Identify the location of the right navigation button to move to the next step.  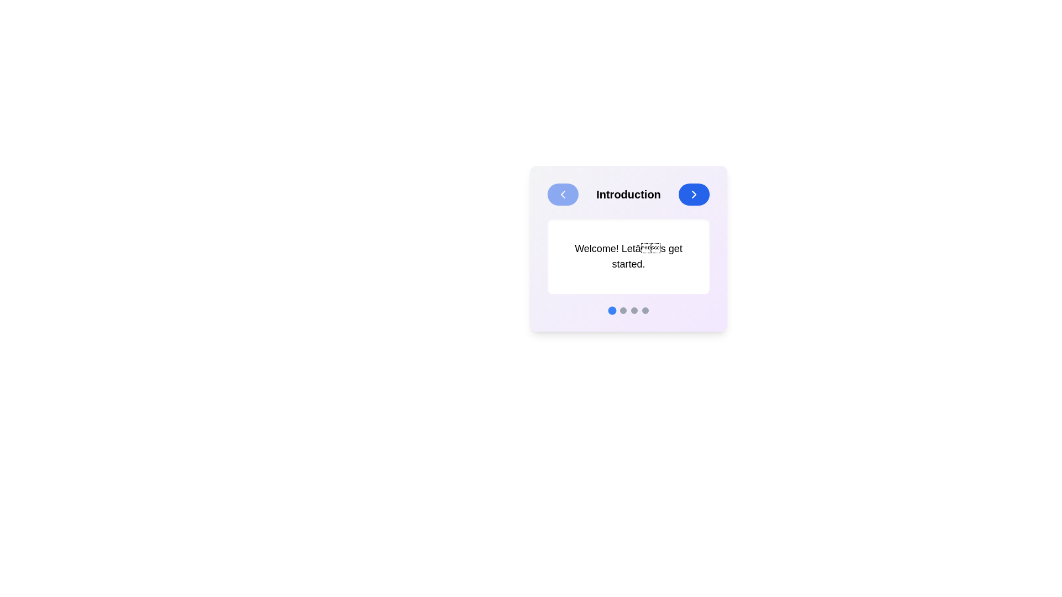
(693, 193).